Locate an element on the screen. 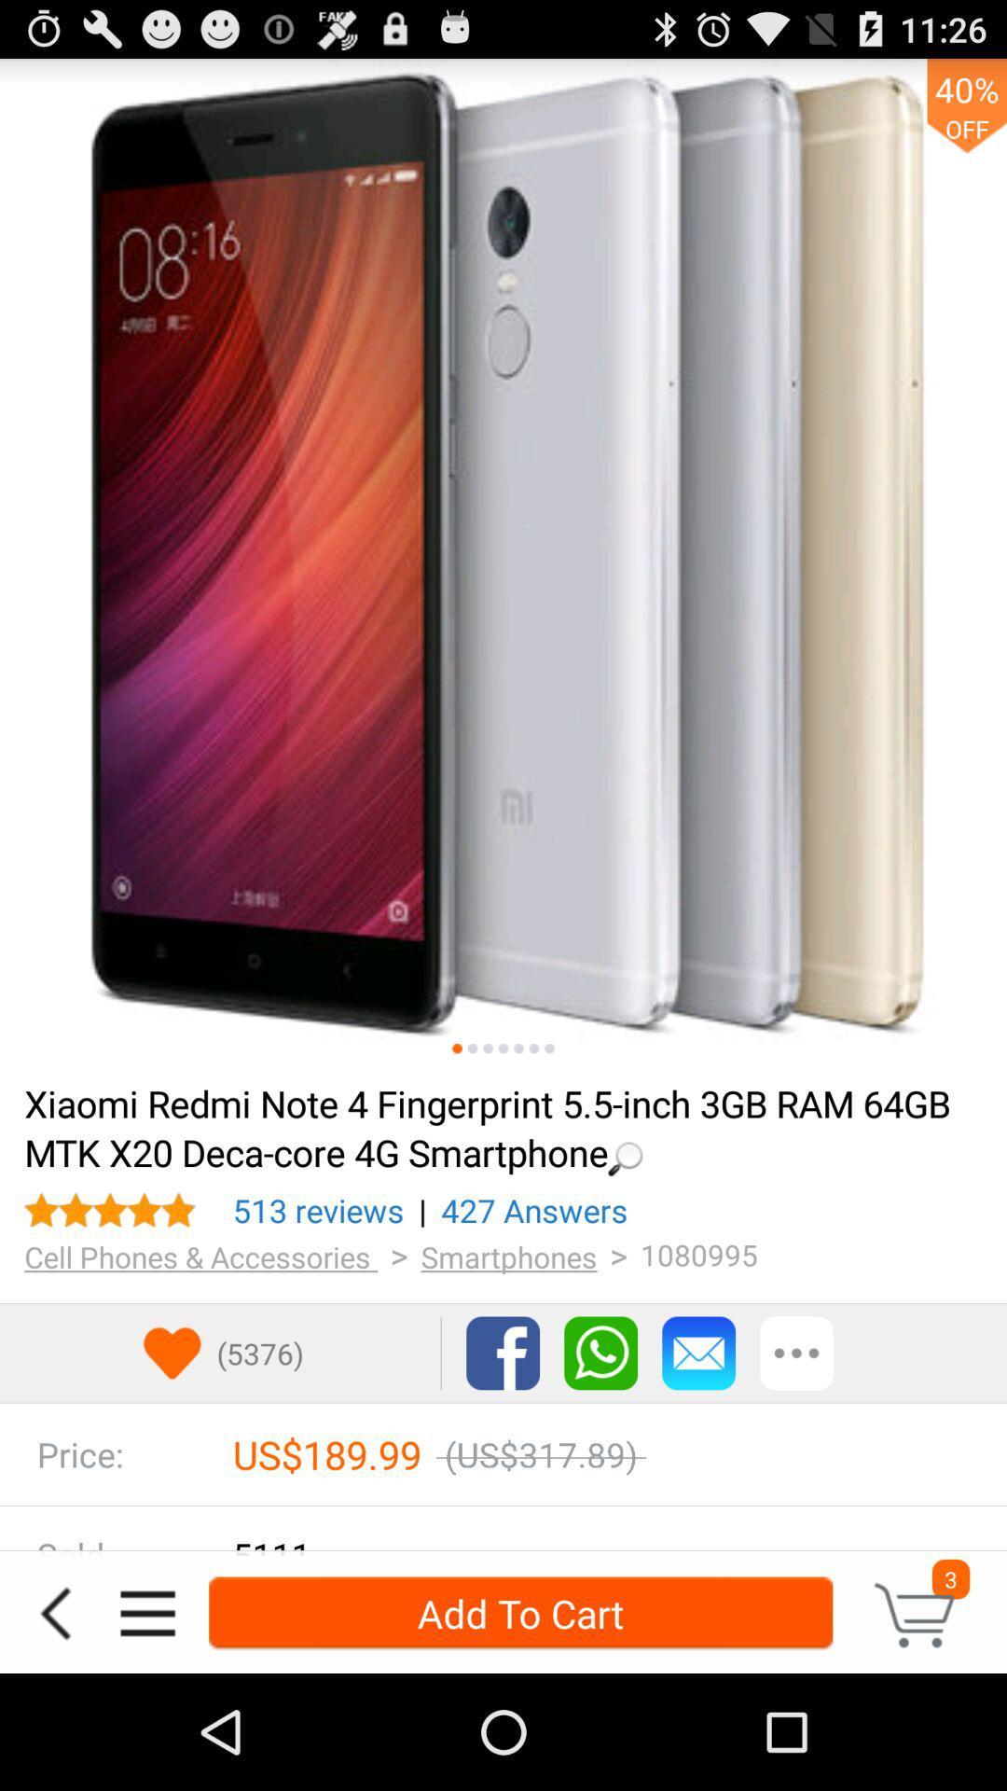  call the company is located at coordinates (600, 1353).